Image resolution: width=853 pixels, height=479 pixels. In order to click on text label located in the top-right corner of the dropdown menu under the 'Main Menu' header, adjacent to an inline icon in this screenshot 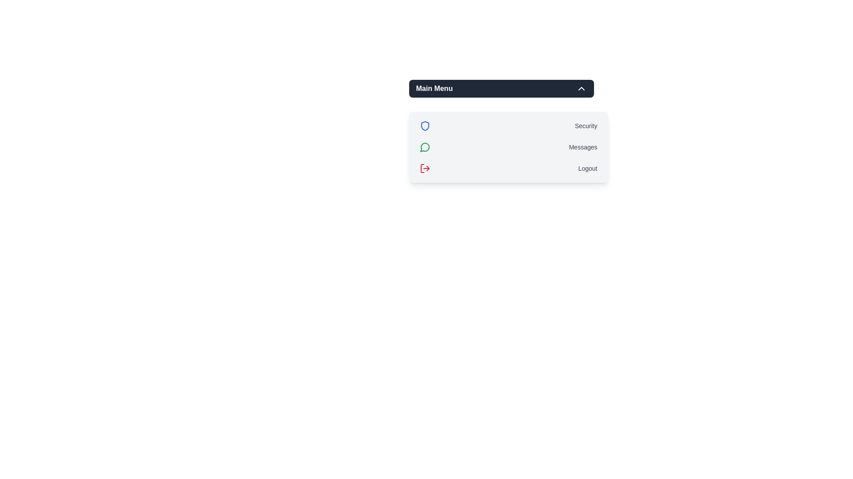, I will do `click(586, 126)`.